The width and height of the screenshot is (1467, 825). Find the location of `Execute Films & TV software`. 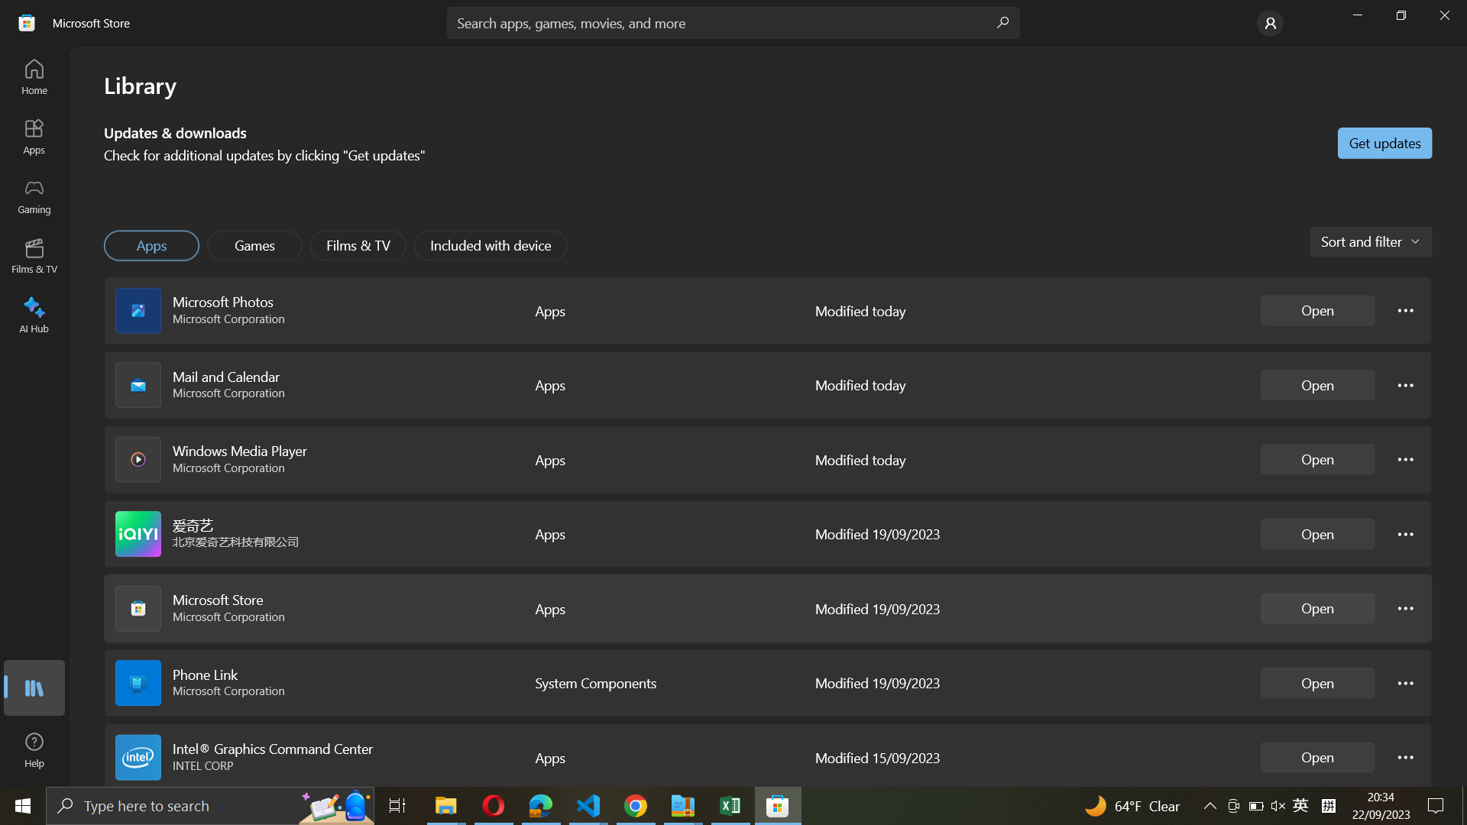

Execute Films & TV software is located at coordinates (358, 245).